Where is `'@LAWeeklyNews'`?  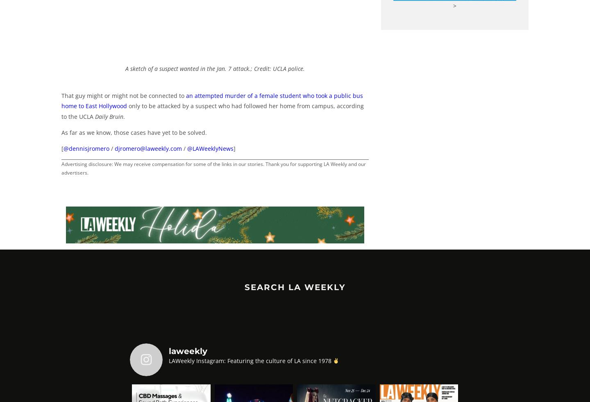 '@LAWeeklyNews' is located at coordinates (210, 148).